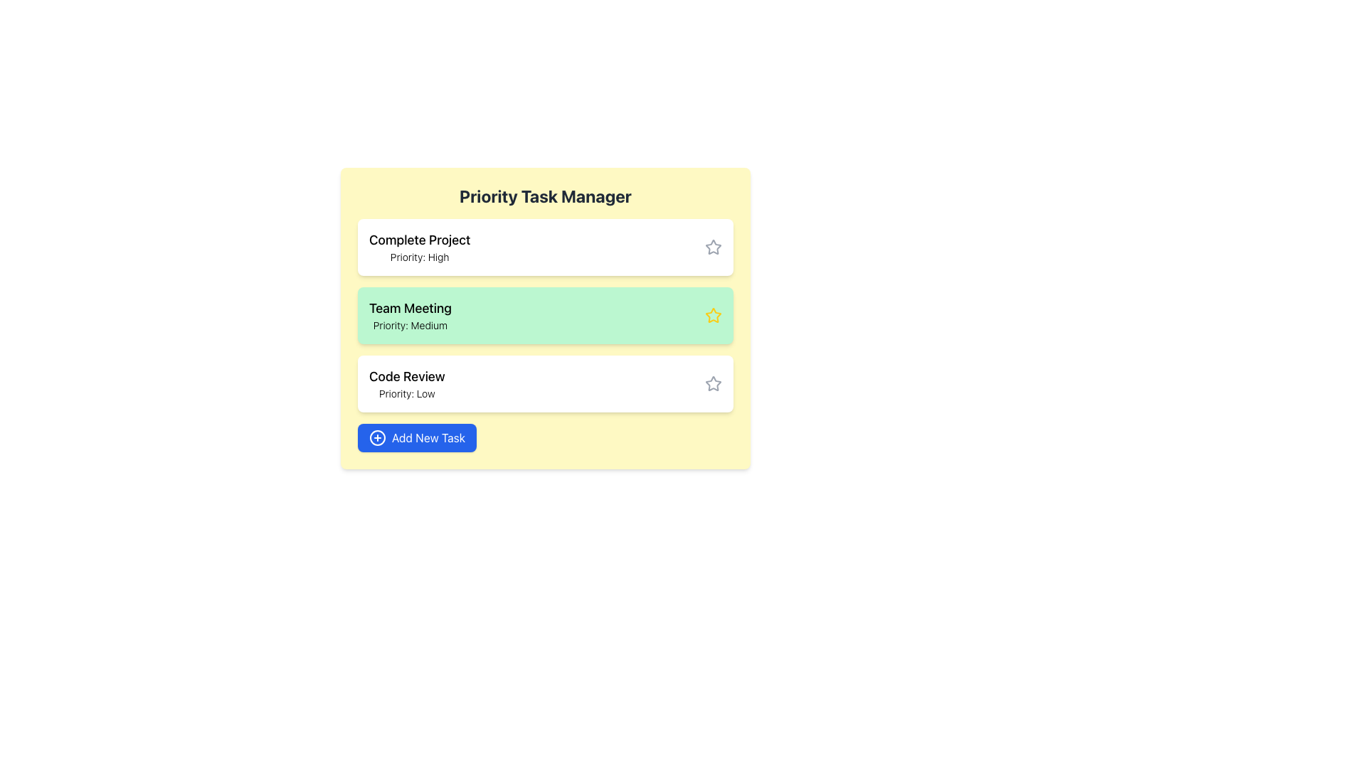 The width and height of the screenshot is (1366, 768). Describe the element at coordinates (545, 384) in the screenshot. I see `the 'Code Review' task card, which is the third card in the 'Priority Task Manager' list, to trigger visual effects` at that location.